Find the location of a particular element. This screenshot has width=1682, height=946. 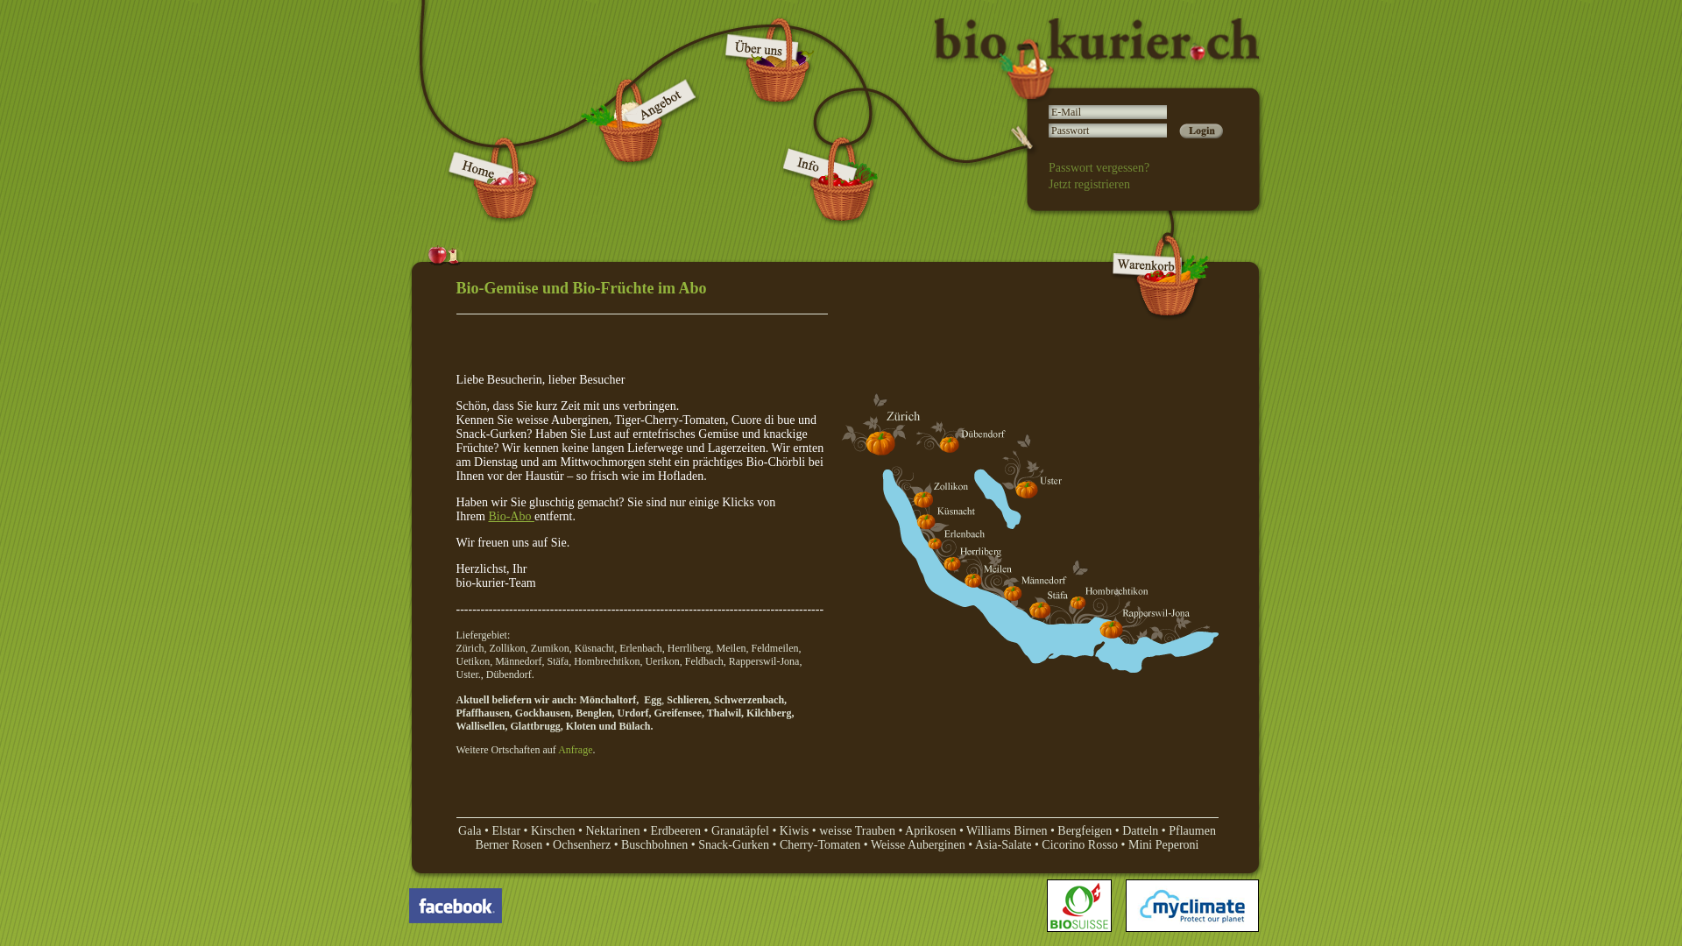

'biokurier - Warenkorb' is located at coordinates (1161, 319).